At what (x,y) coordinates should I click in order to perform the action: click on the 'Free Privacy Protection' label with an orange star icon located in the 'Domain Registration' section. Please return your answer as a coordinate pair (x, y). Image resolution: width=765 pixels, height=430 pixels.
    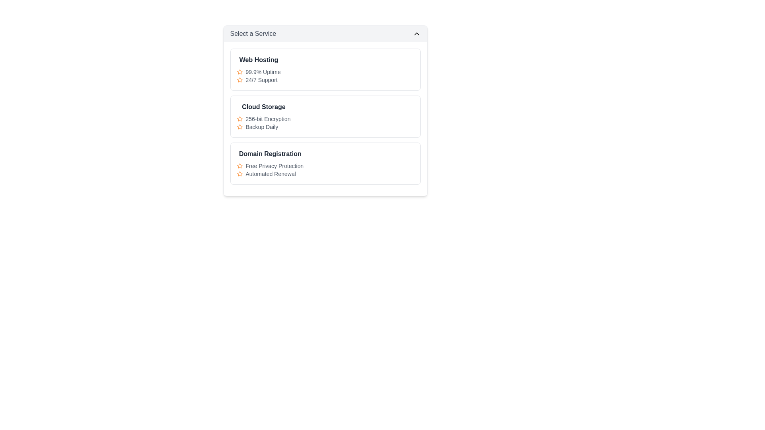
    Looking at the image, I should click on (270, 165).